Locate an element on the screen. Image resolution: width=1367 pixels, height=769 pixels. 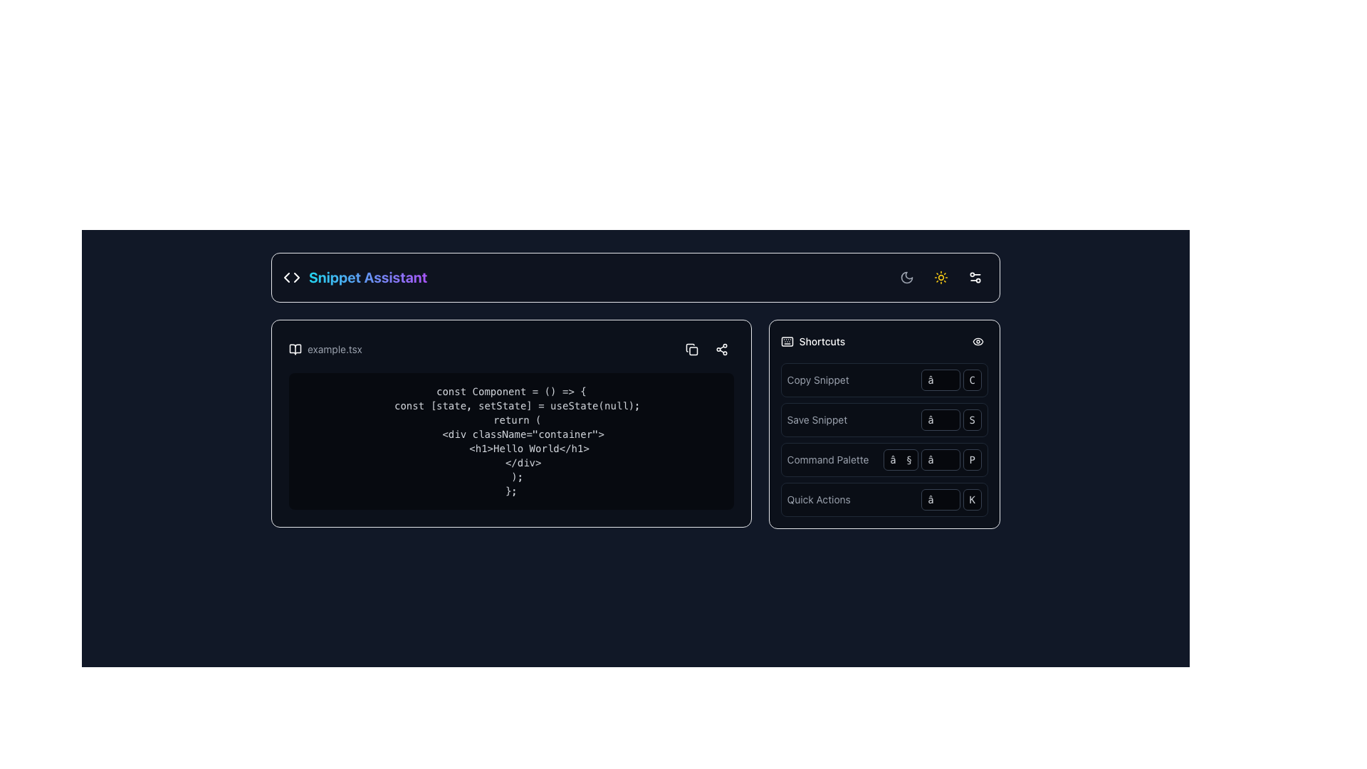
the second button in the horizontal group of buttons at the top right of the interface to share the content is located at coordinates (721, 349).